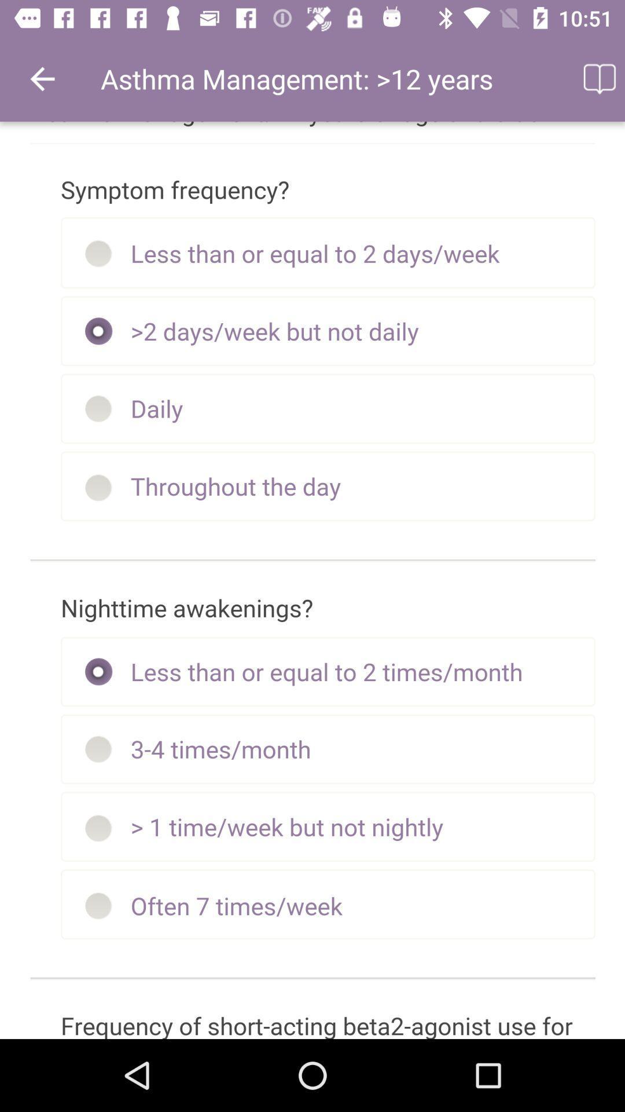 Image resolution: width=625 pixels, height=1112 pixels. Describe the element at coordinates (312, 580) in the screenshot. I see `the icon at the center` at that location.